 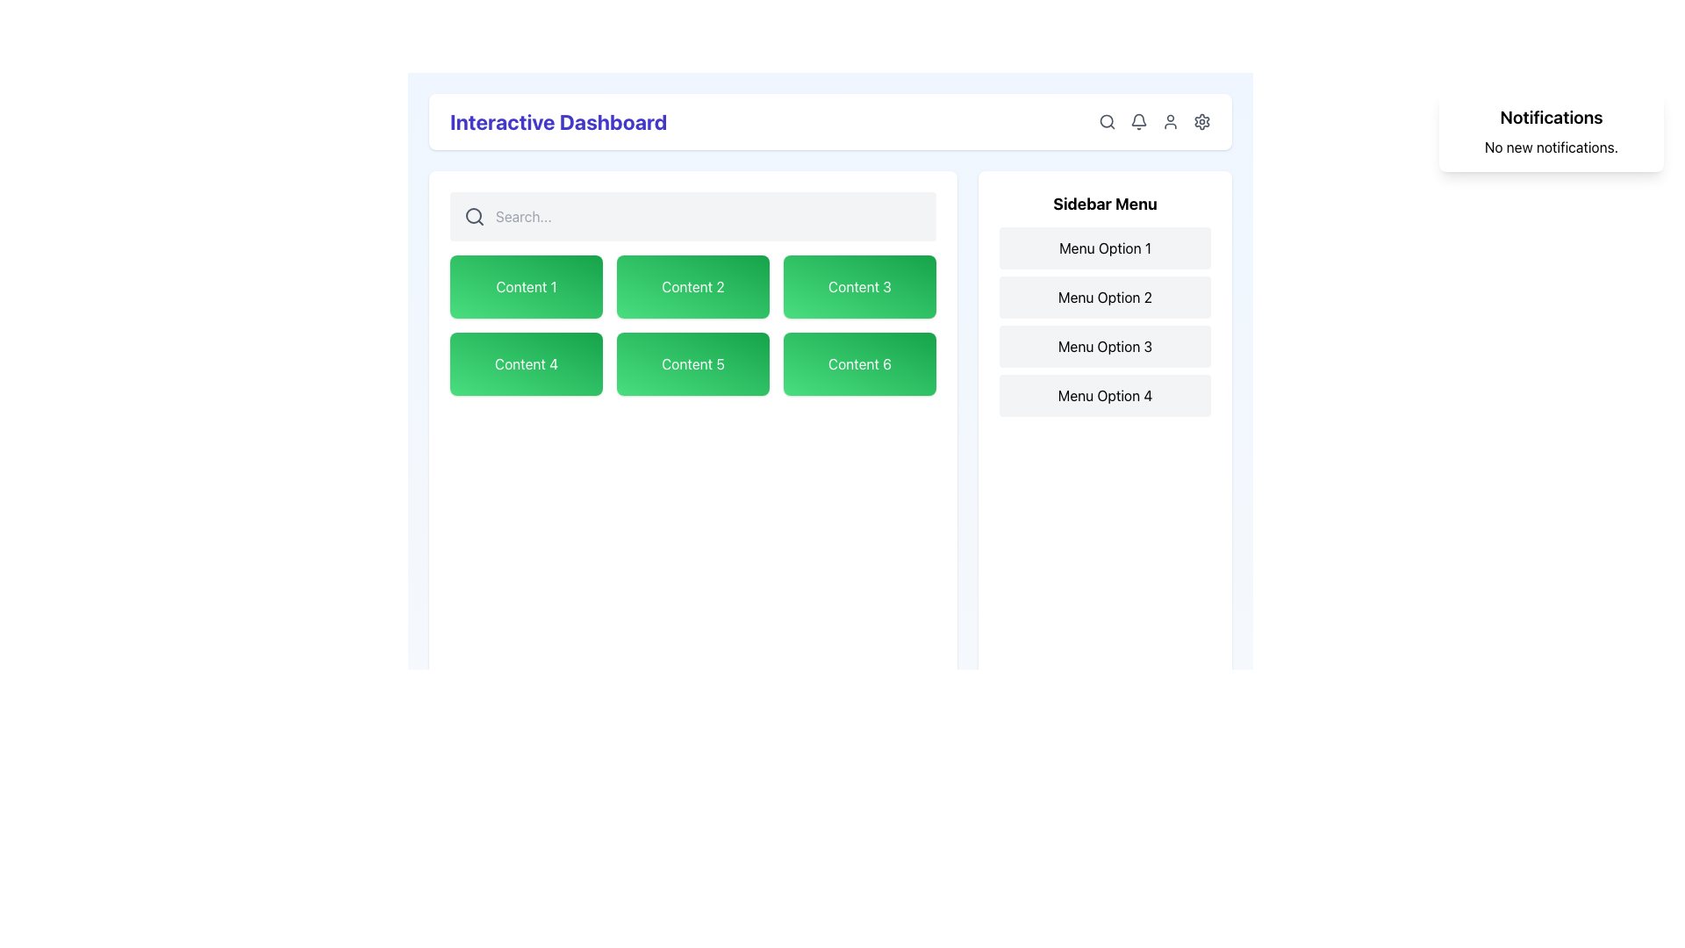 I want to click on the third menu option button in the sidebar menu, so click(x=1104, y=346).